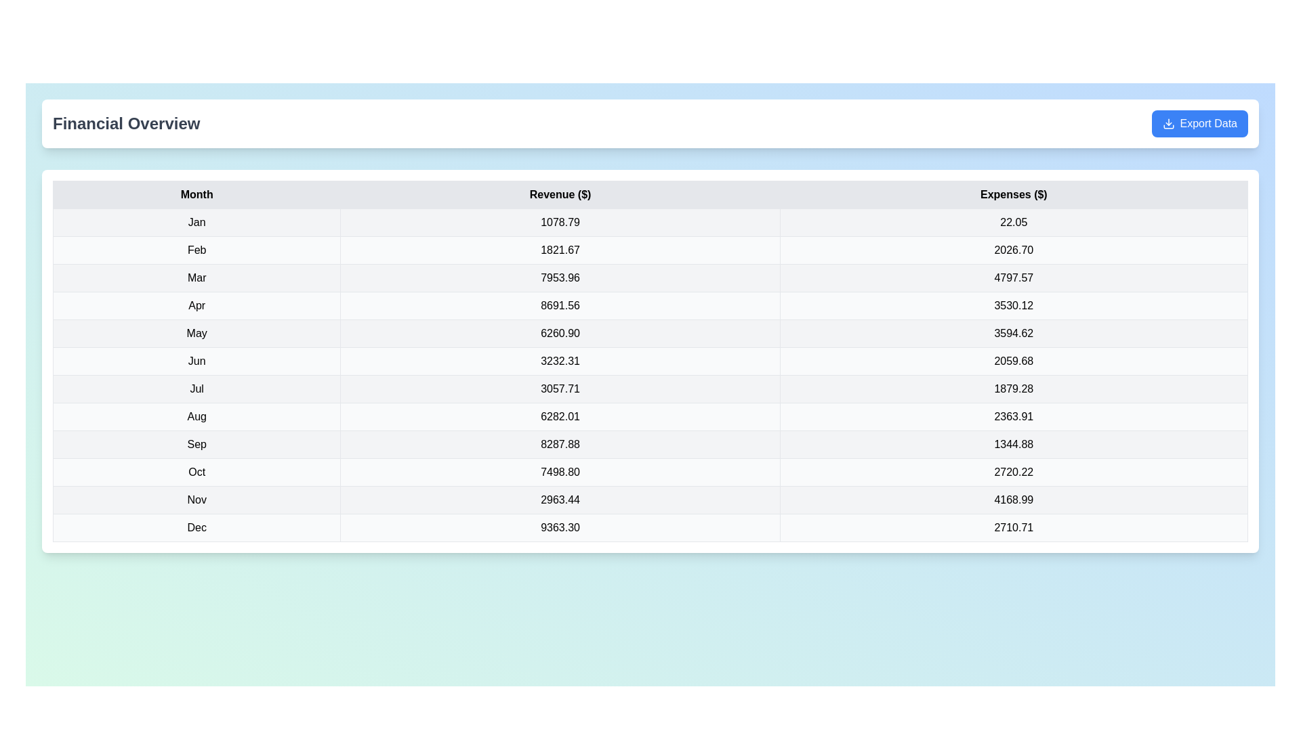 The width and height of the screenshot is (1301, 731). I want to click on the column header labeled 'Month' to sort the table by that column, so click(196, 195).